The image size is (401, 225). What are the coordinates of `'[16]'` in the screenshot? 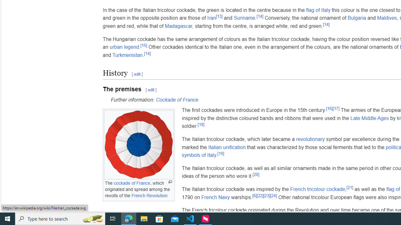 It's located at (329, 108).